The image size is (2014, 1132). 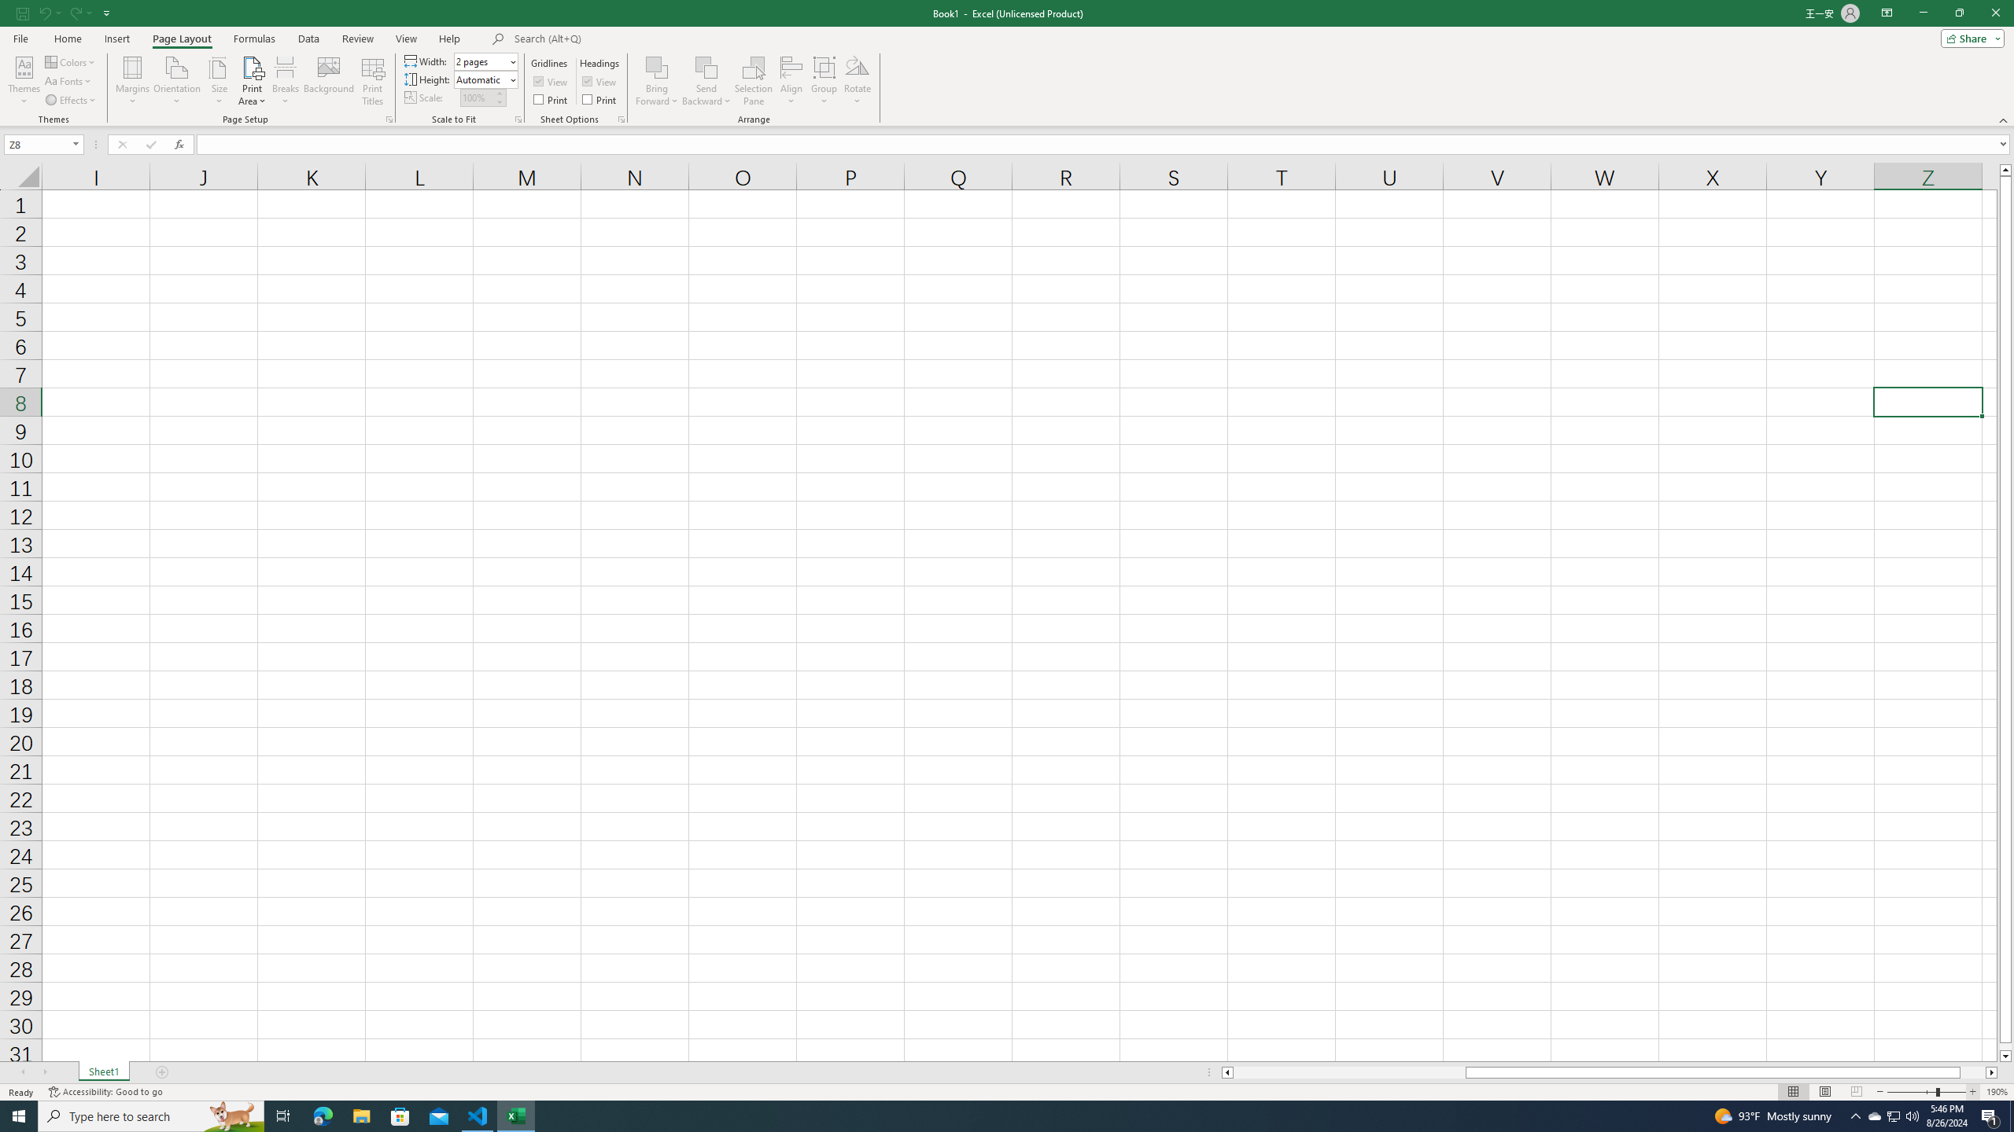 What do you see at coordinates (404, 39) in the screenshot?
I see `'View'` at bounding box center [404, 39].